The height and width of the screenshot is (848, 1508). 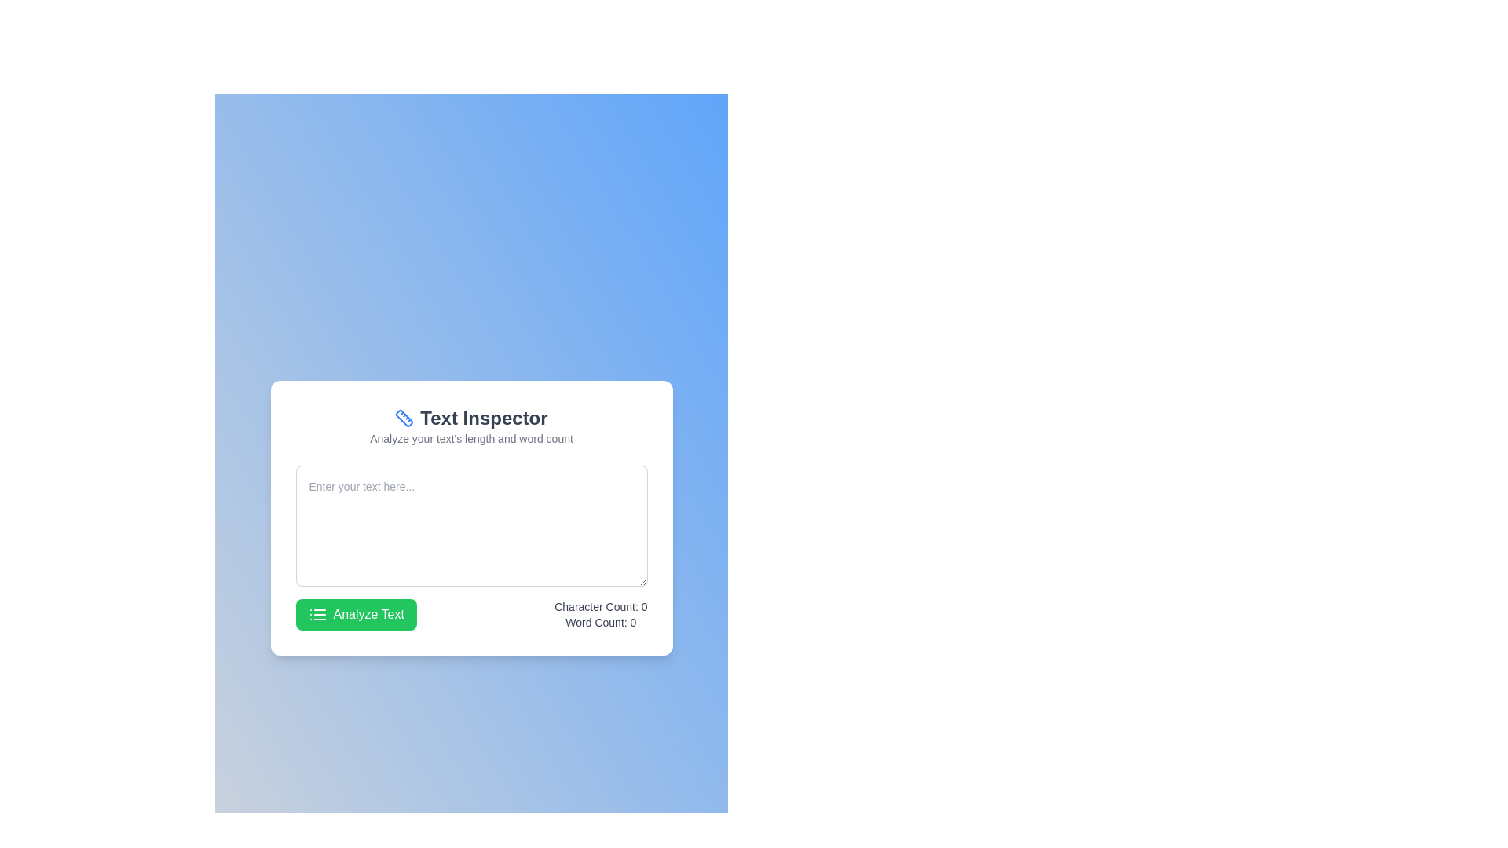 What do you see at coordinates (317, 614) in the screenshot?
I see `the icon located to the left of the 'Analyze Text' button, which visually represents the action of analyzing text` at bounding box center [317, 614].